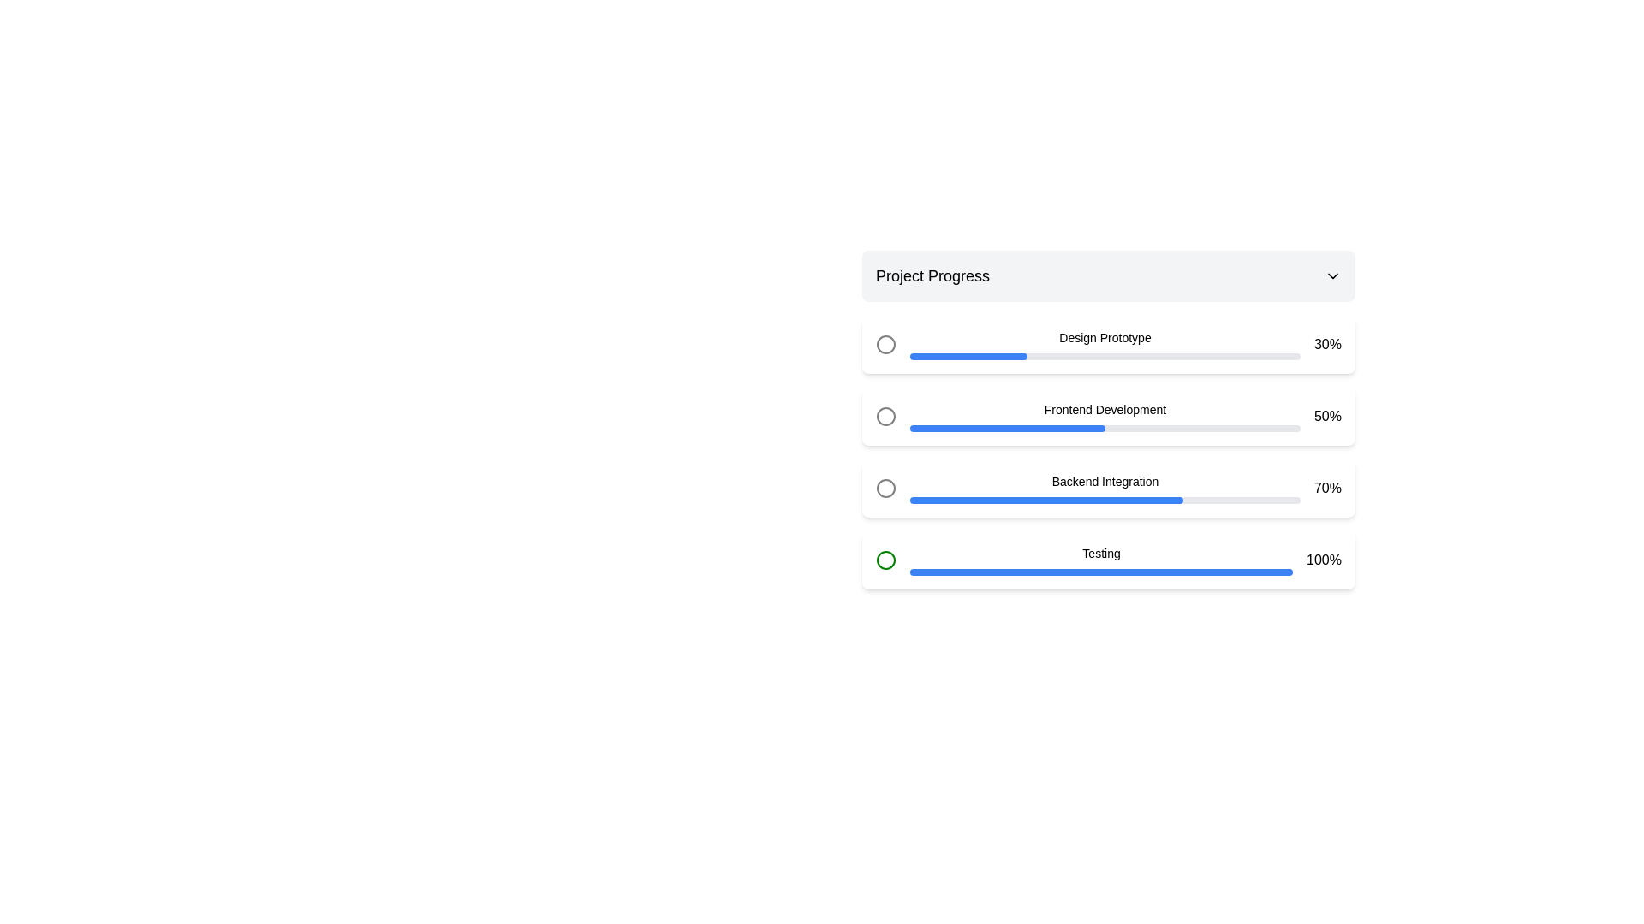  I want to click on the first circular icon representing the task status, which is located at the top of the list adjacent to the 'Design Prototype' text, so click(886, 344).